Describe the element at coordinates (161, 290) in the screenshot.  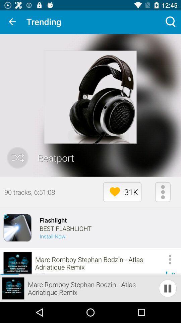
I see `the pause icon` at that location.